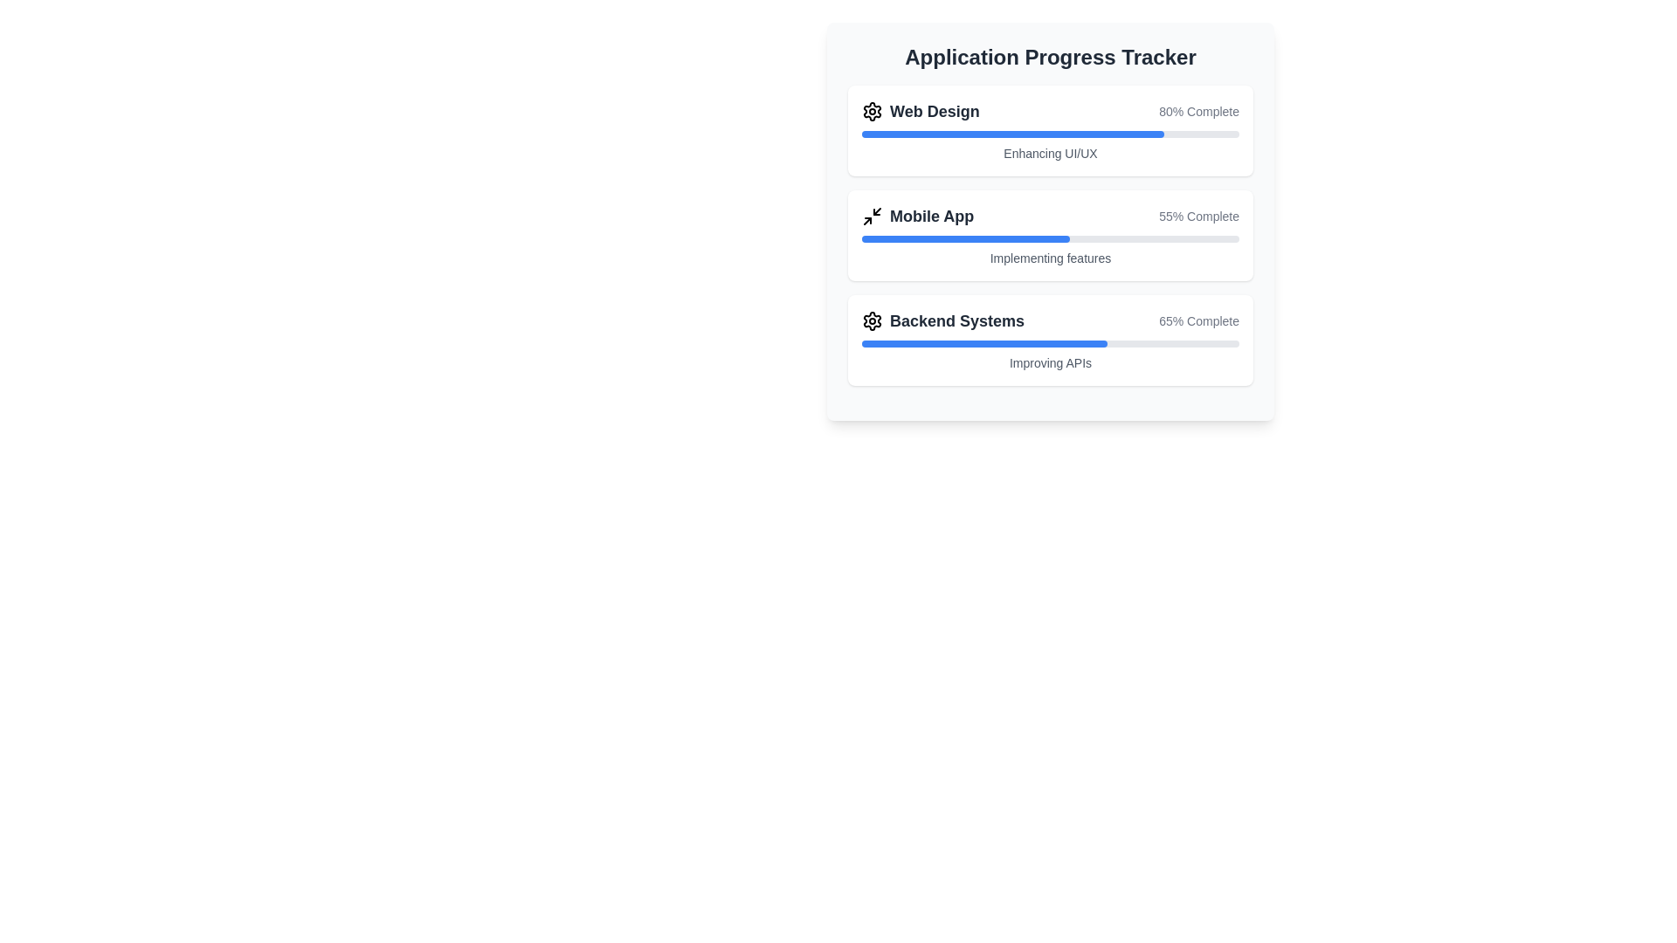  Describe the element at coordinates (1050, 238) in the screenshot. I see `the progress bar indicating 55% completion located below the '55% Complete' label in the 'Mobile App' section` at that location.